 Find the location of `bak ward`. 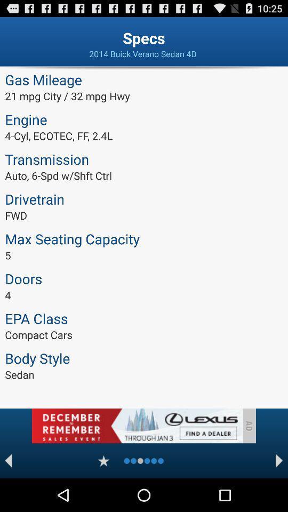

bak ward is located at coordinates (8, 460).